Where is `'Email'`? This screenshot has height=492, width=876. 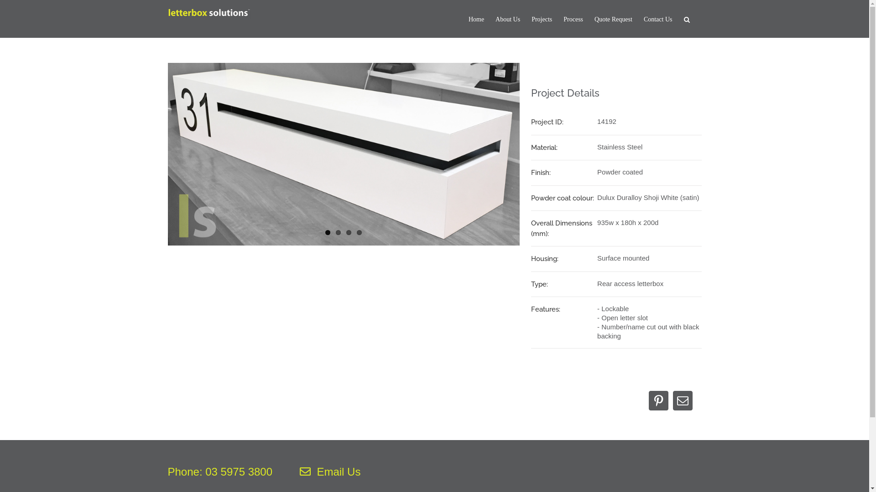 'Email' is located at coordinates (672, 400).